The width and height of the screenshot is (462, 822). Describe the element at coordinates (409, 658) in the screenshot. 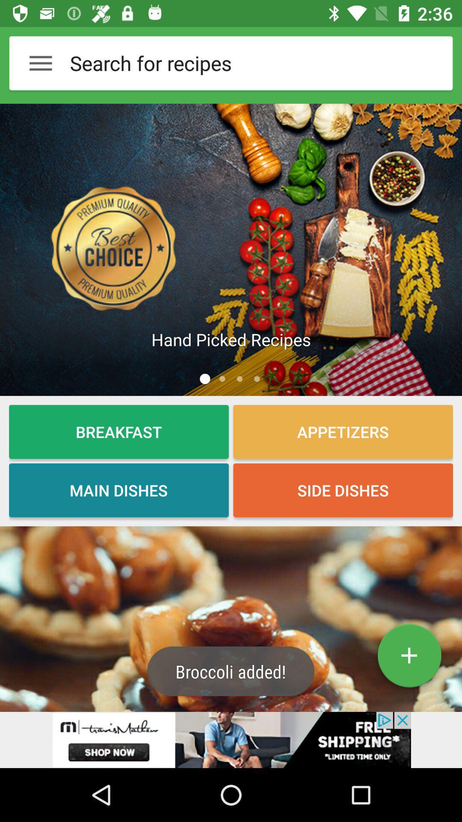

I see `the add icon` at that location.